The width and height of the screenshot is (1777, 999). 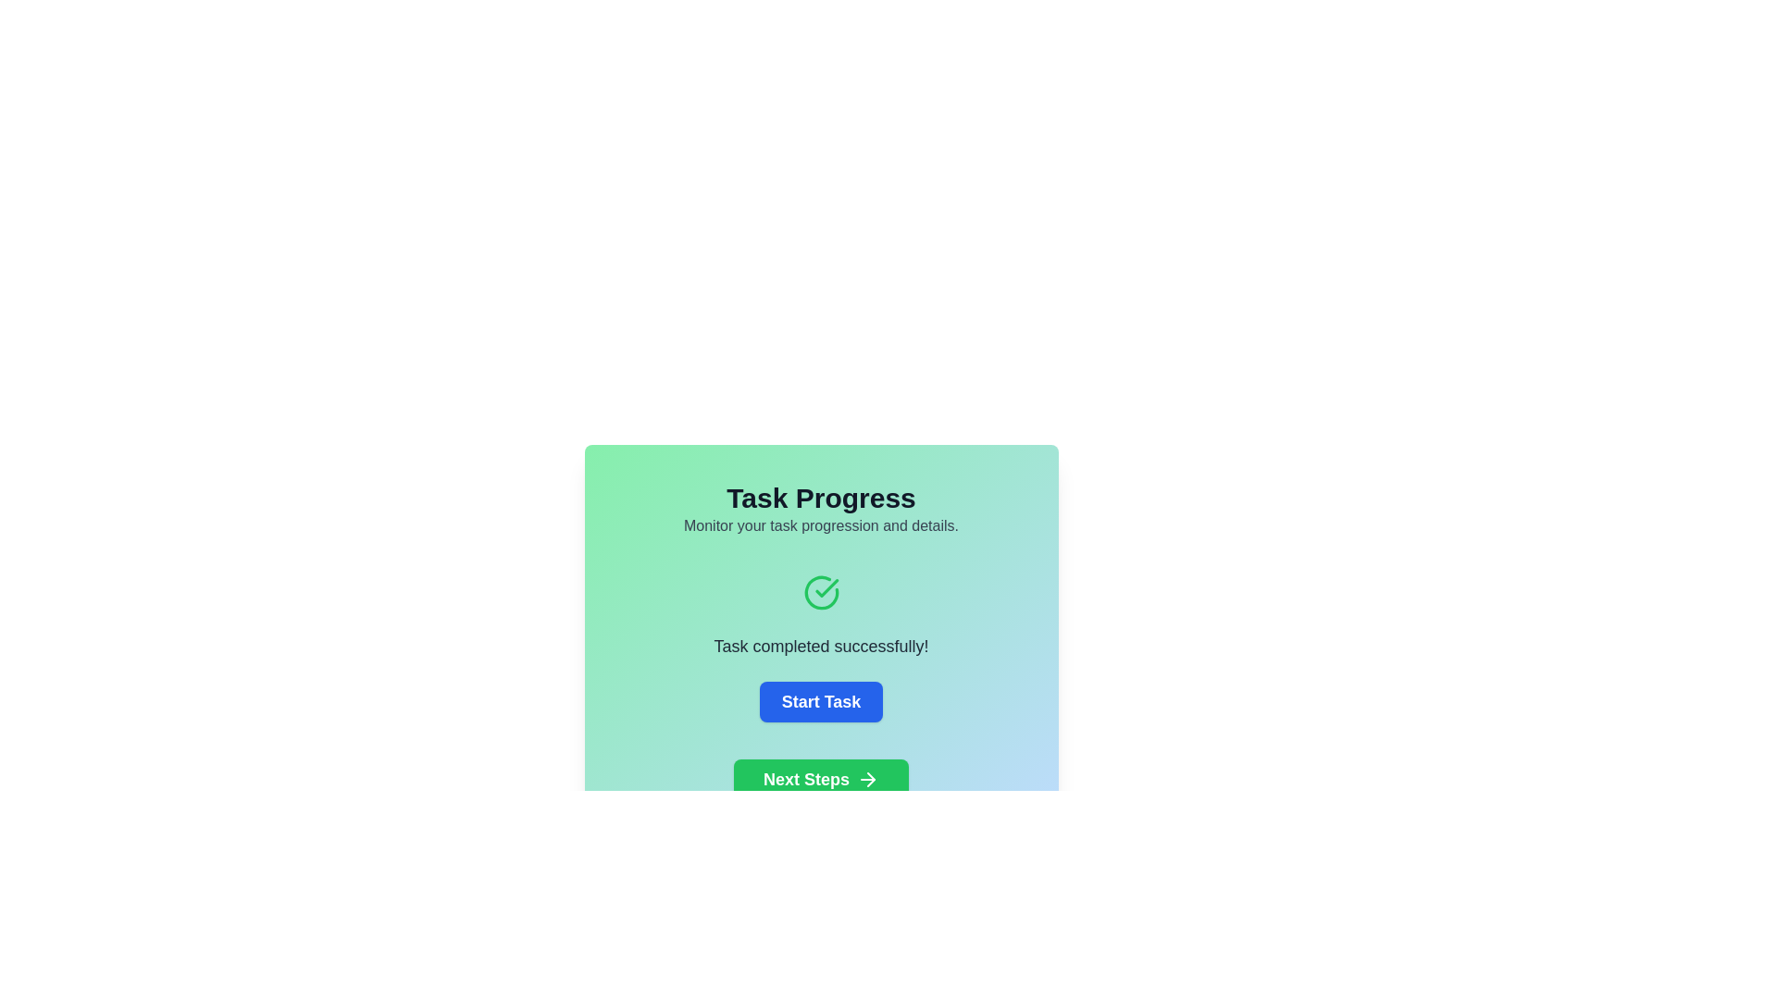 What do you see at coordinates (820, 510) in the screenshot?
I see `the Header with subtitle element displaying 'Task Progress' and its subtext 'Monitor your task progression and details.'` at bounding box center [820, 510].